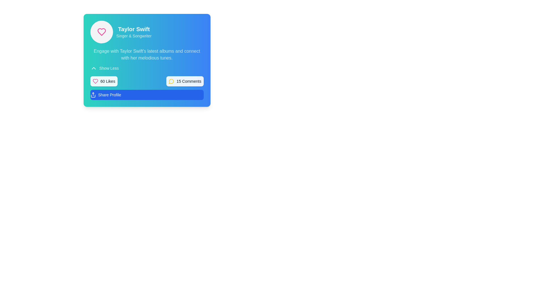  What do you see at coordinates (95, 81) in the screenshot?
I see `the heart icon with a pink outline located inside the '60 Likes' section` at bounding box center [95, 81].